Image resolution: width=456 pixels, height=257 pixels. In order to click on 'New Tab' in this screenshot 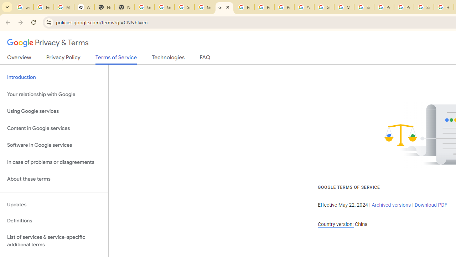, I will do `click(125, 7)`.